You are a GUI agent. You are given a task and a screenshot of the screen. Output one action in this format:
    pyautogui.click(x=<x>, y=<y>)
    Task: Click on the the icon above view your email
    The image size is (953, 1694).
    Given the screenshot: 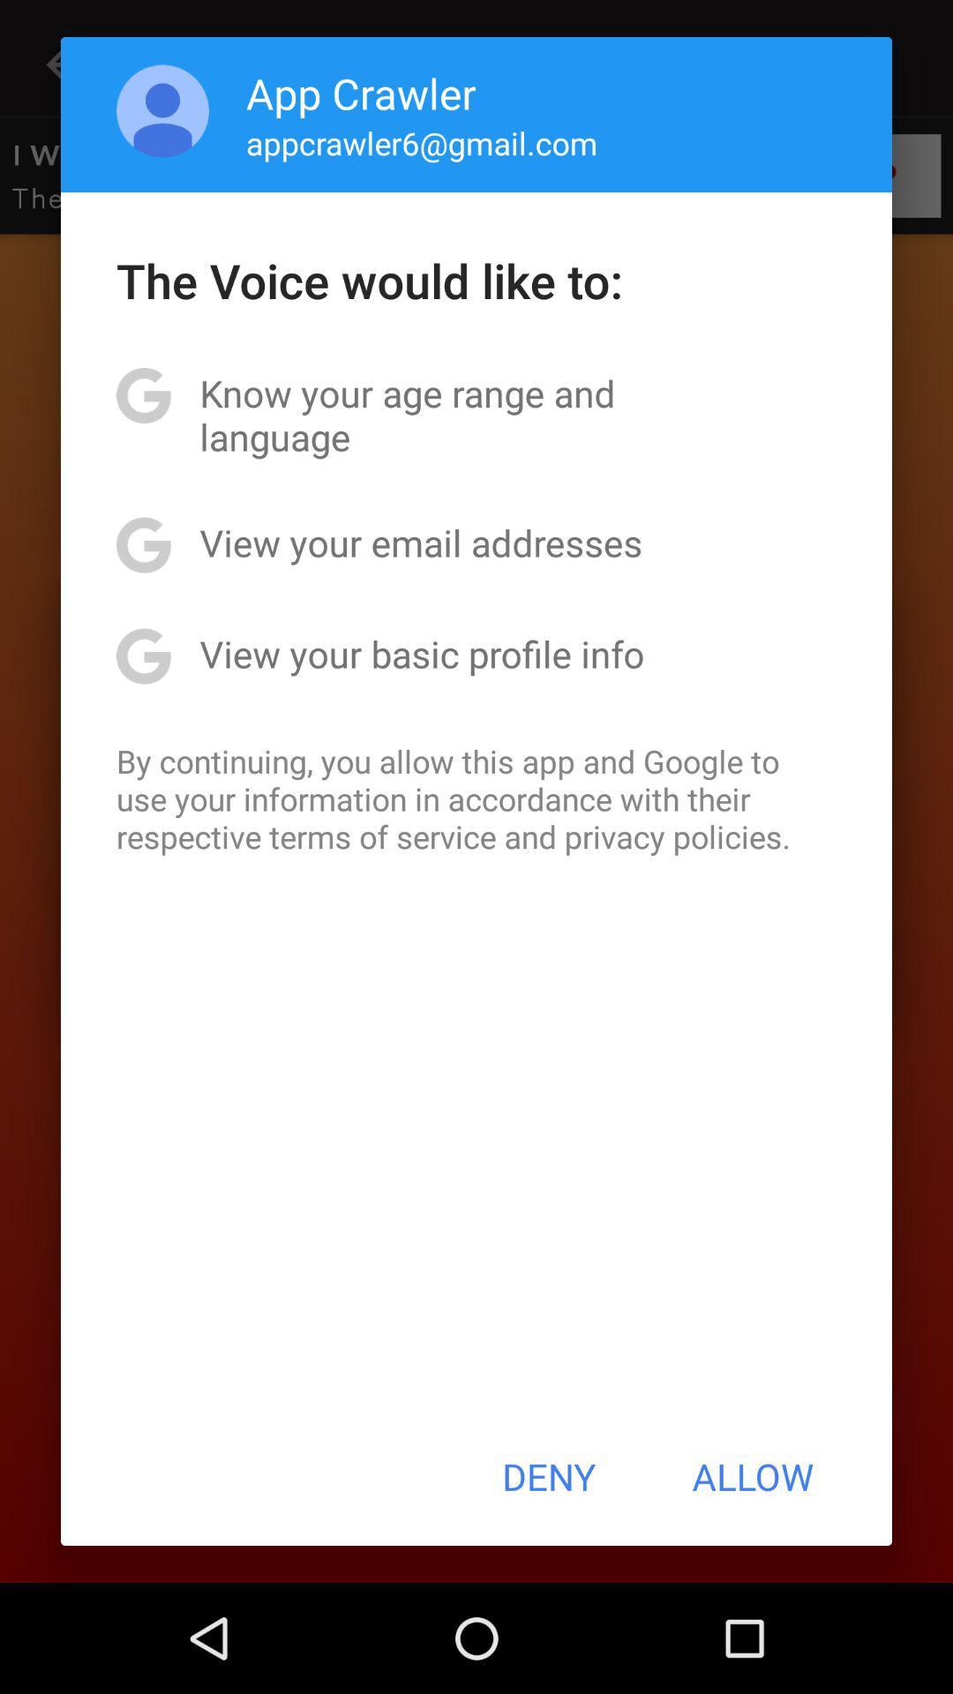 What is the action you would take?
    pyautogui.click(x=476, y=414)
    